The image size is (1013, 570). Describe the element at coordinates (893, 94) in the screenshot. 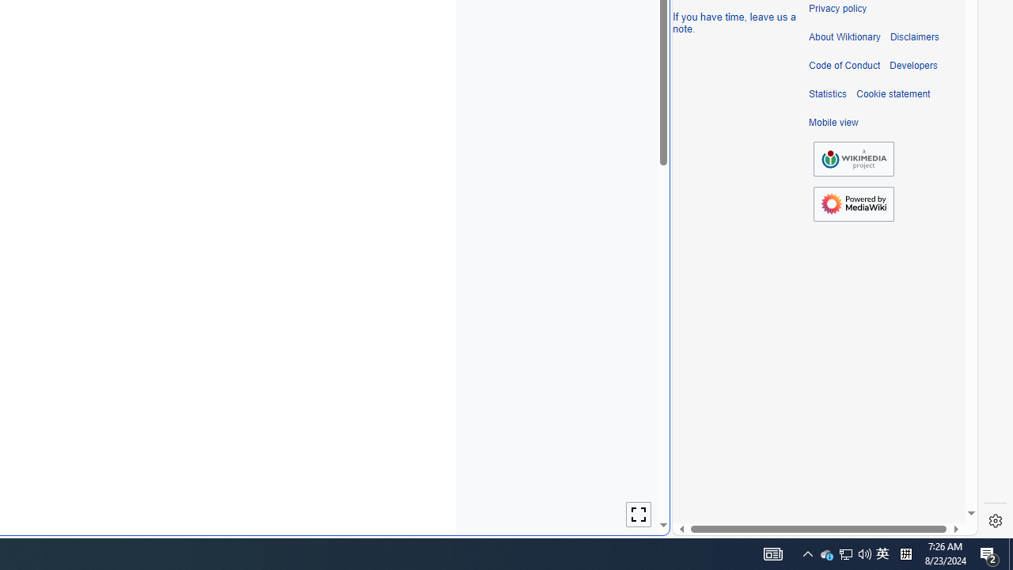

I see `'Cookie statement'` at that location.